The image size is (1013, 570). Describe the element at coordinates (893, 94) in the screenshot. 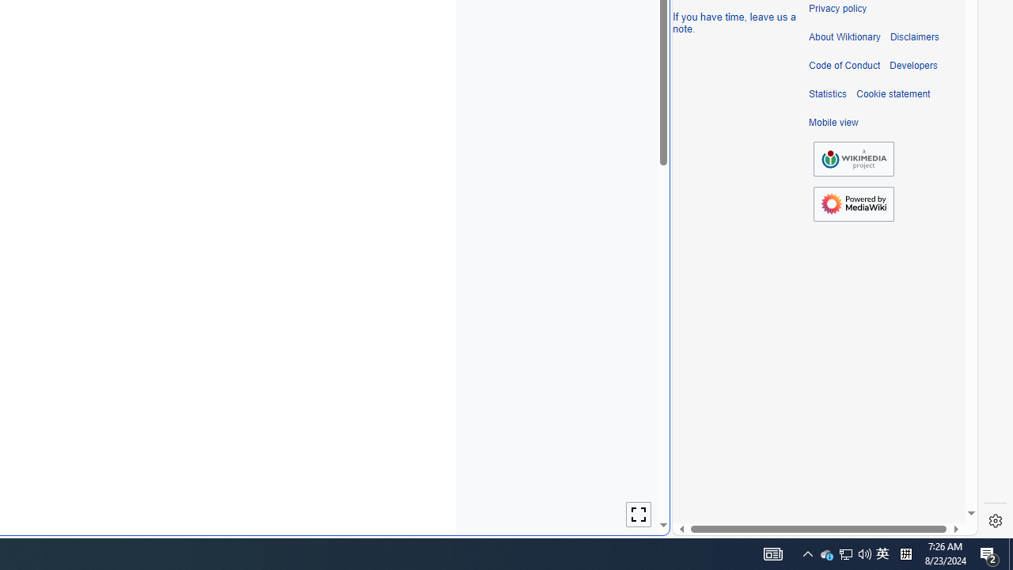

I see `'Cookie statement'` at that location.